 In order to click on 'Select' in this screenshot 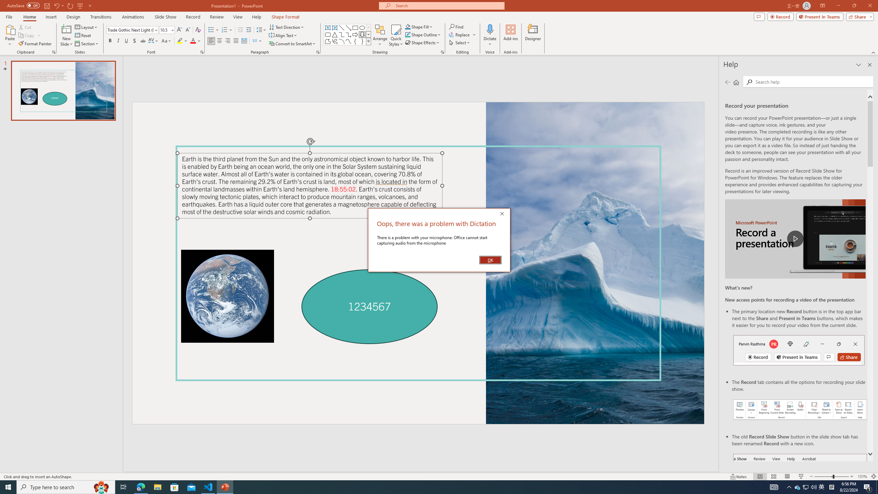, I will do `click(460, 42)`.